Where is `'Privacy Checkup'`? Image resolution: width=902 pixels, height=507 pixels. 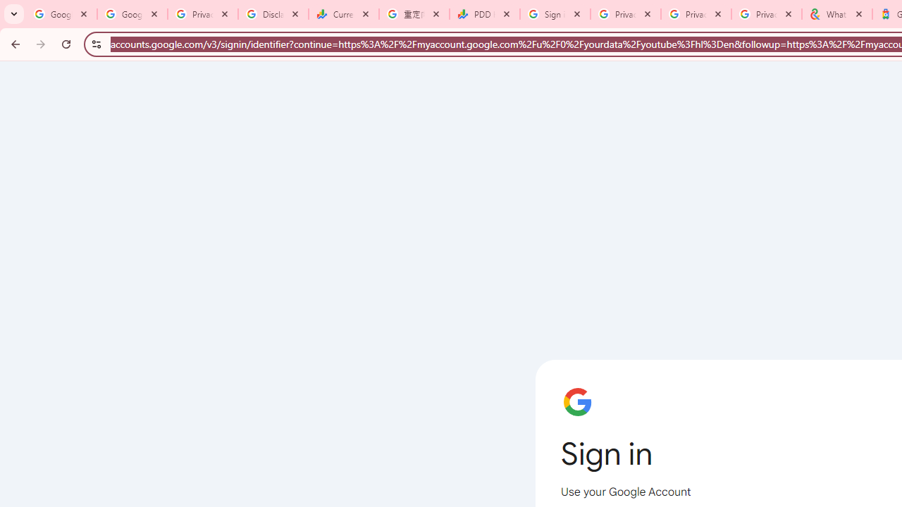
'Privacy Checkup' is located at coordinates (766, 14).